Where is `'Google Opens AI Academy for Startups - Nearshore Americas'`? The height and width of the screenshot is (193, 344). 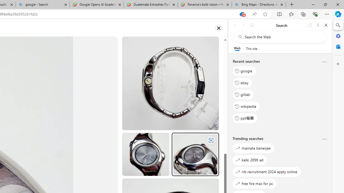
'Google Opens AI Academy for Startups - Nearshore Americas' is located at coordinates (96, 5).